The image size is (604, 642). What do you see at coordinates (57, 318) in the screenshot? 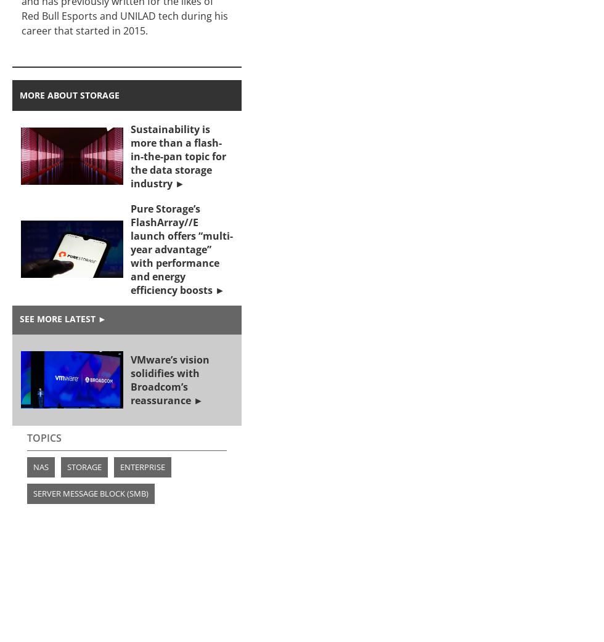
I see `'See more latest'` at bounding box center [57, 318].